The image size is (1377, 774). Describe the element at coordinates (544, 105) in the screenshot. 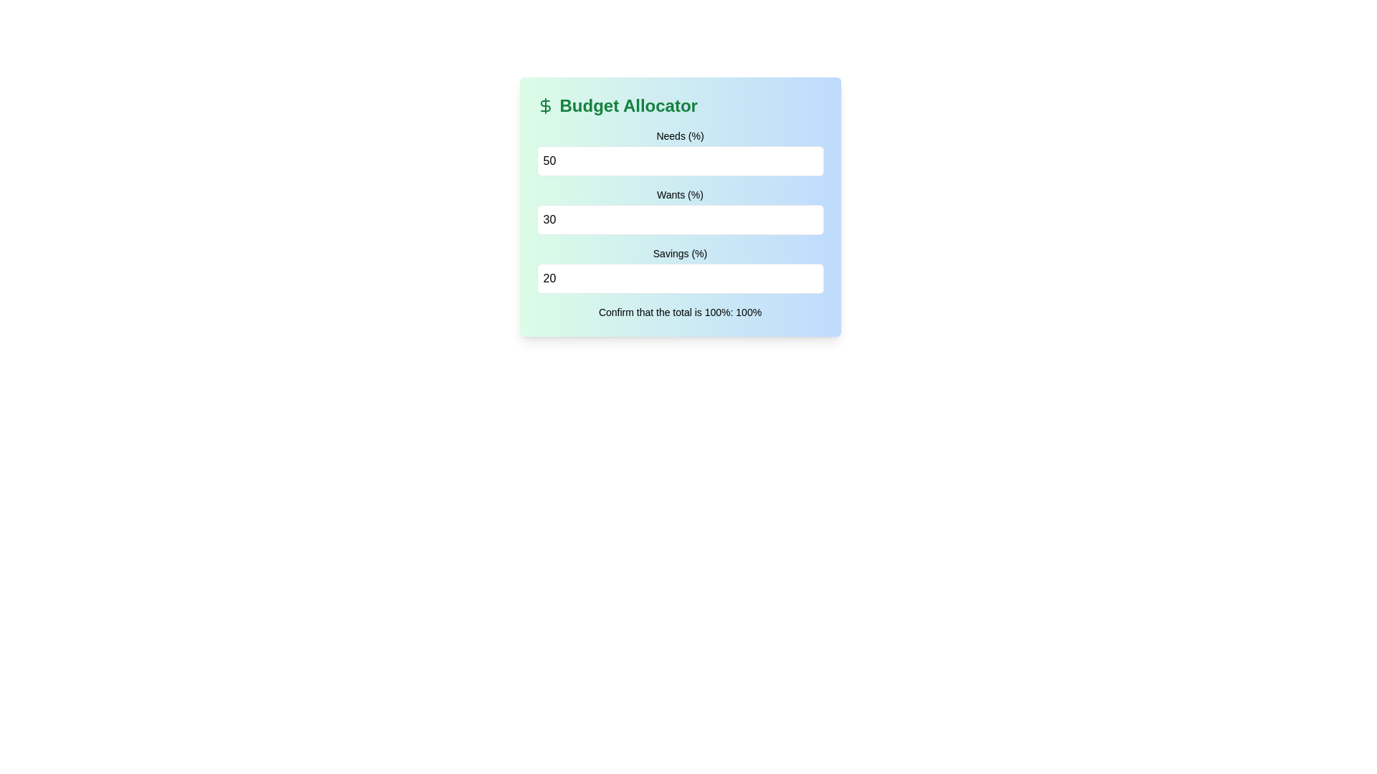

I see `the lower curved segment of the dollar sign icon, which is part of an SVG image representing financial functionality, located to the left of the text 'Budget Allocator'` at that location.